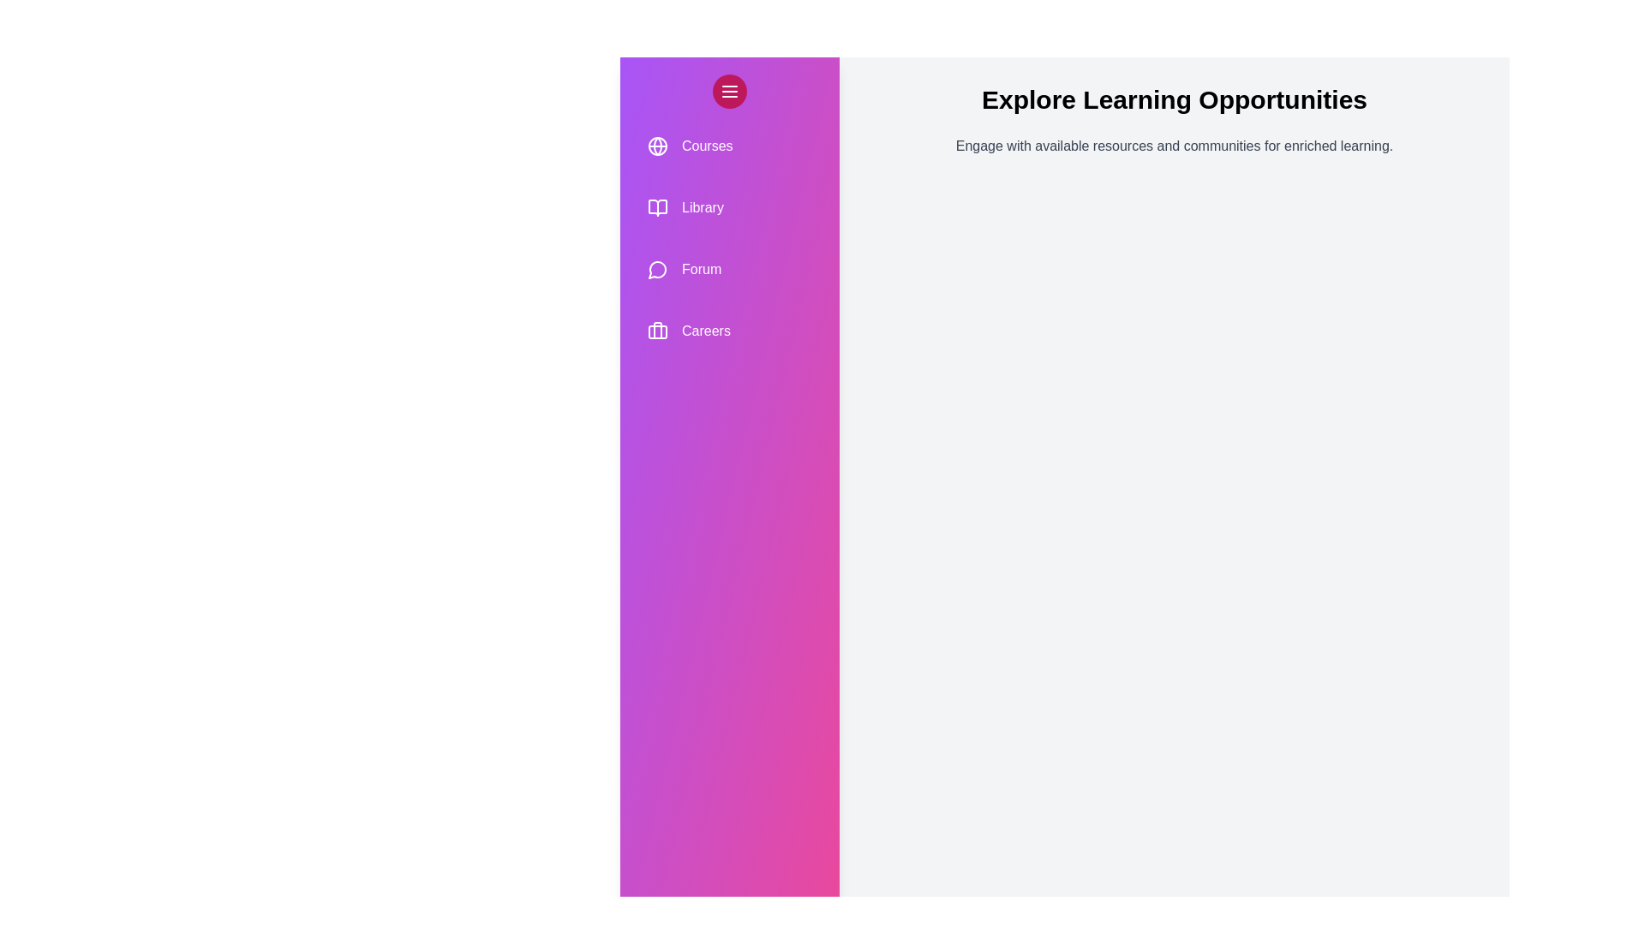 This screenshot has width=1645, height=925. Describe the element at coordinates (729, 270) in the screenshot. I see `the menu item labeled Forum to navigate to its respective section` at that location.